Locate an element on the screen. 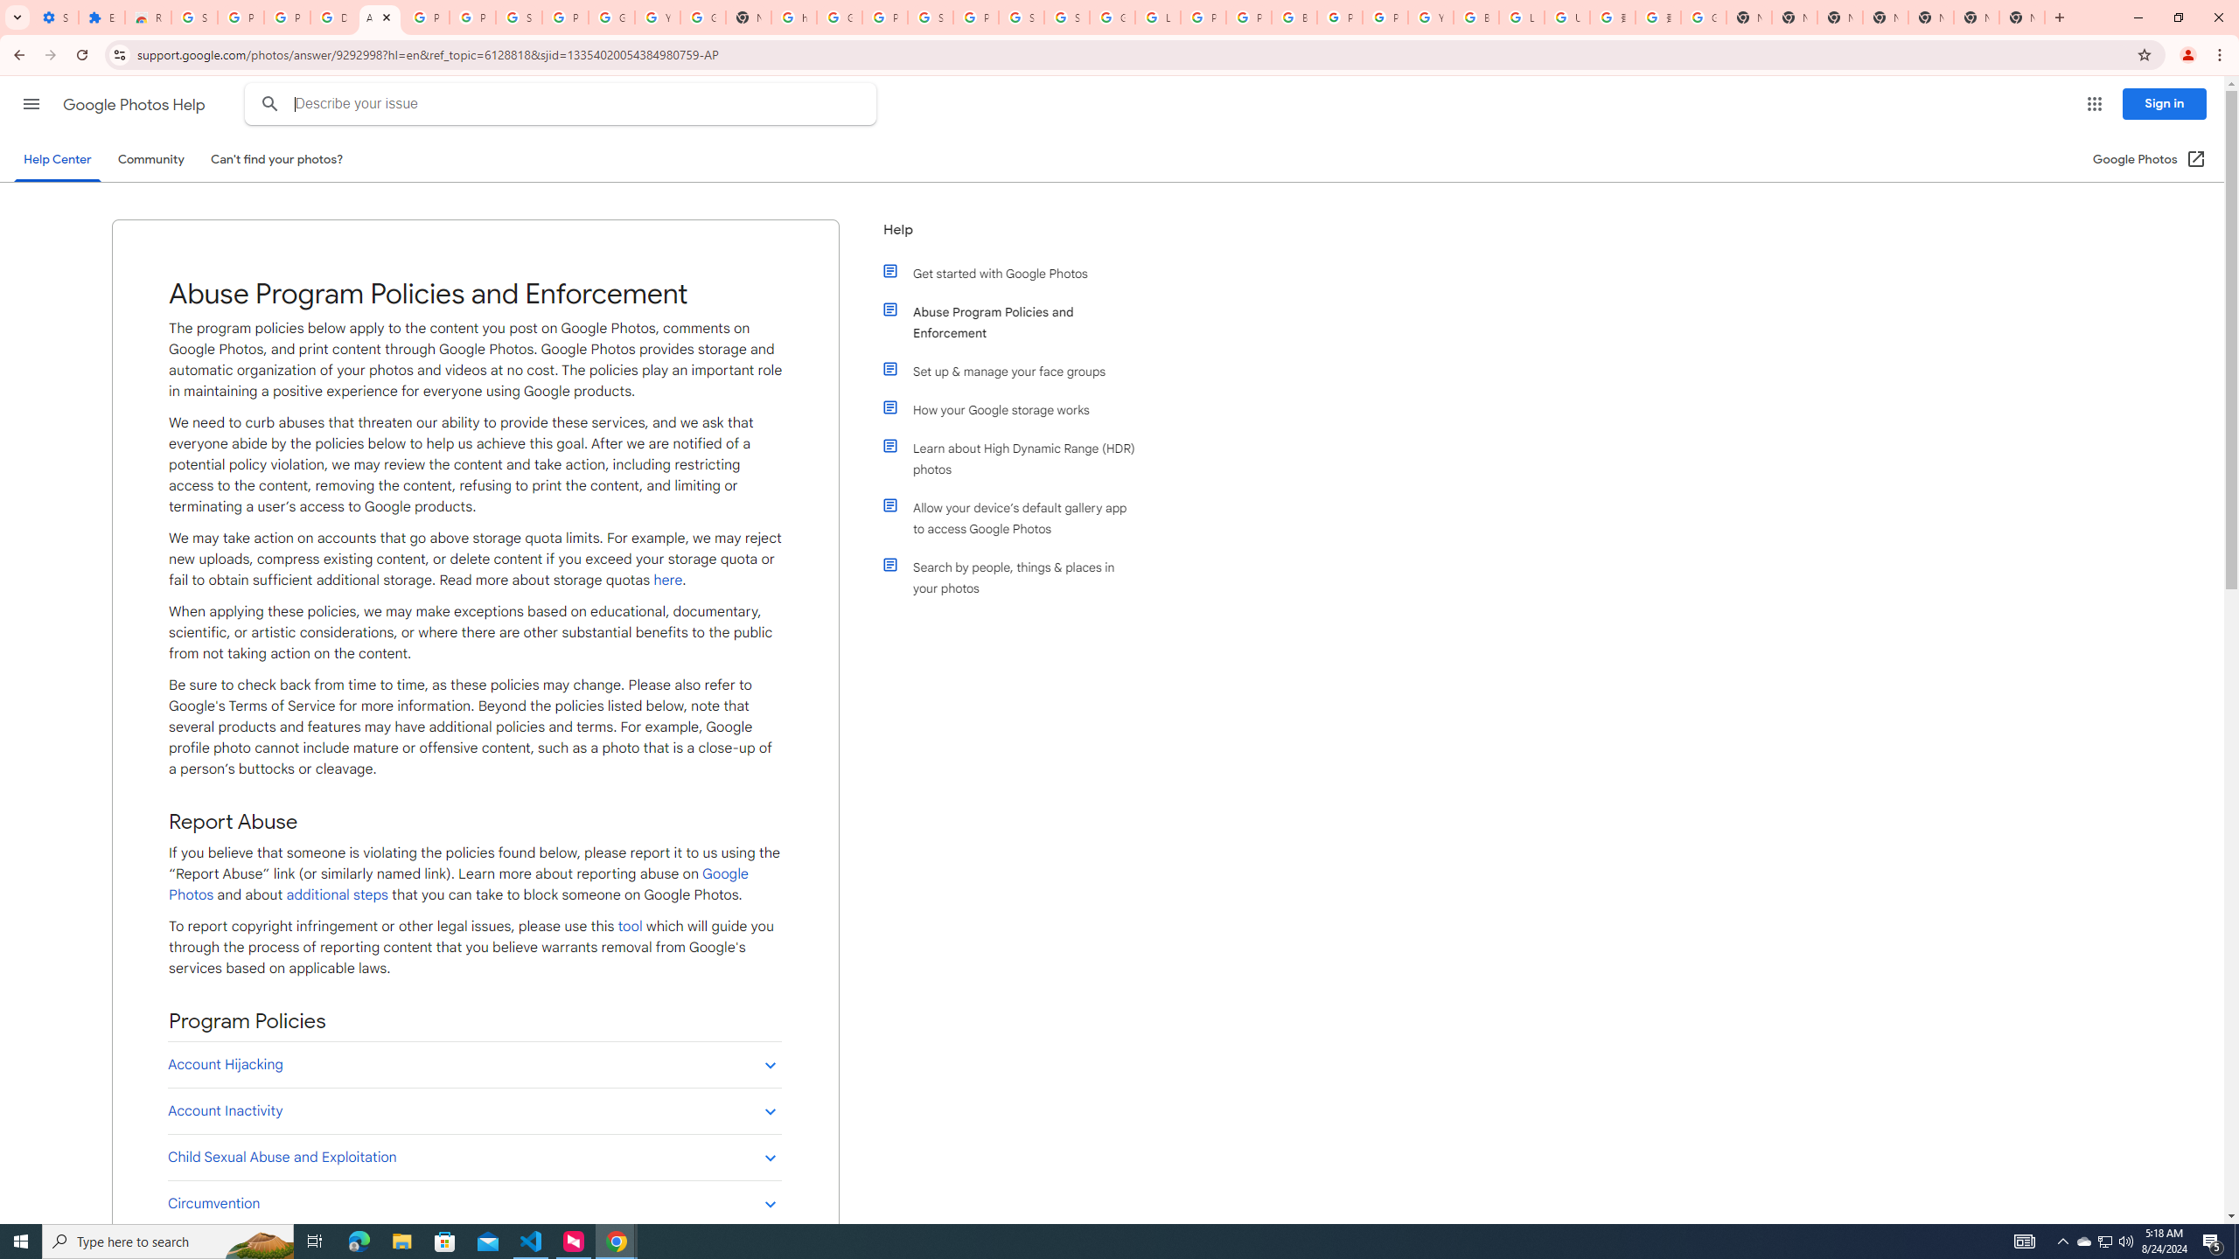 Image resolution: width=2239 pixels, height=1259 pixels. 'Community' is located at coordinates (150, 158).